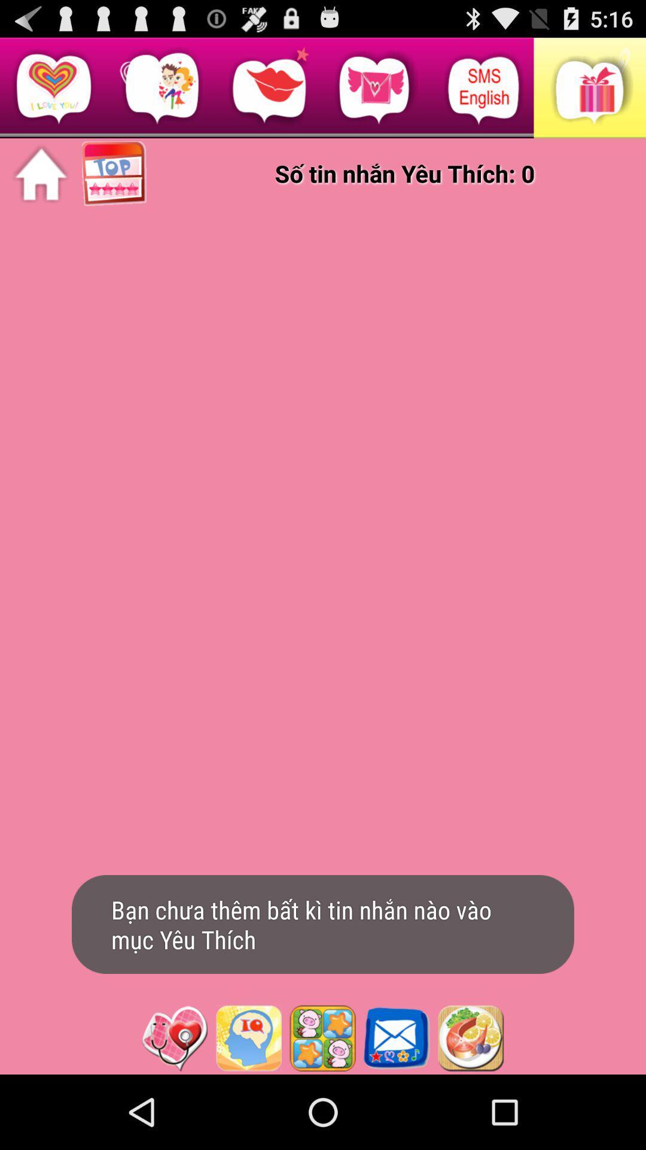 The width and height of the screenshot is (646, 1150). What do you see at coordinates (397, 1037) in the screenshot?
I see `message button` at bounding box center [397, 1037].